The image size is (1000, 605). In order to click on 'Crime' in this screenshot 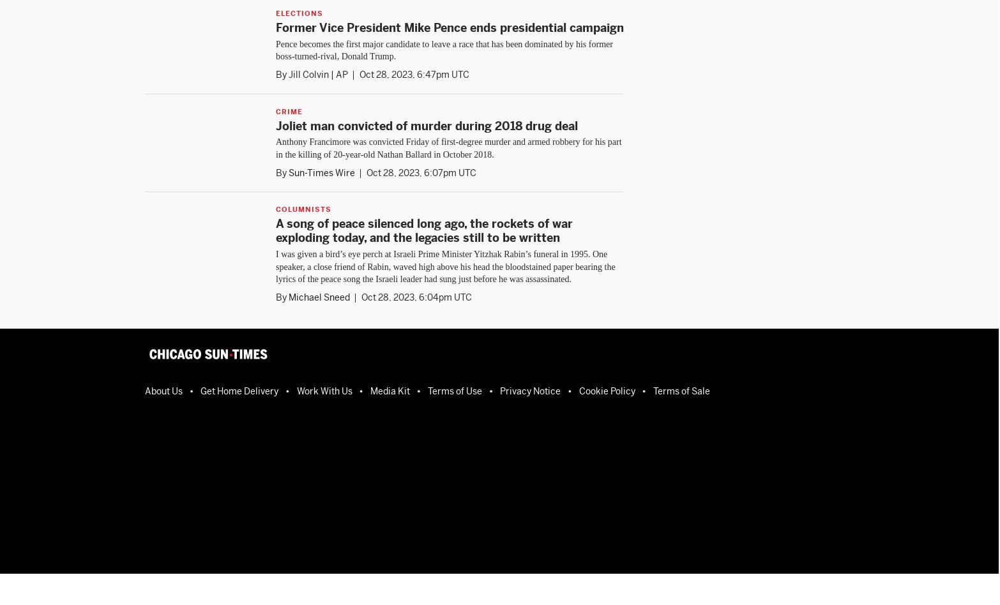, I will do `click(289, 110)`.